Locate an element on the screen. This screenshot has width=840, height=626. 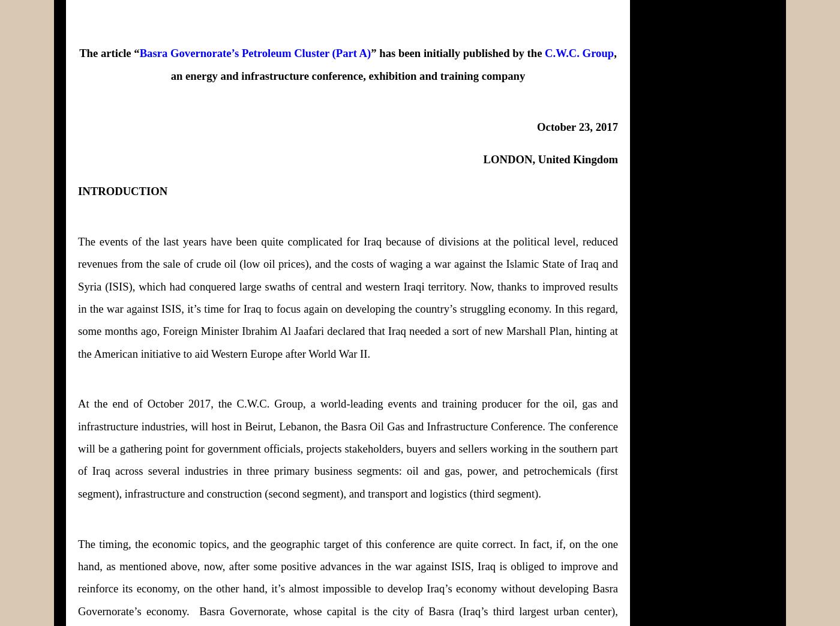
'The timing, the economic
topics, and the geographic target of this conference are quite correct. In
fact, if, on the one hand, as mentioned above, now, after some positive advances
in the war against ISIS, Iraq is obliged to improve and reinforce its economy,
on the other hand, it’s almost impossible to develop Iraq’s economy without
developing Basra Governorate’s economy.' is located at coordinates (348, 576).